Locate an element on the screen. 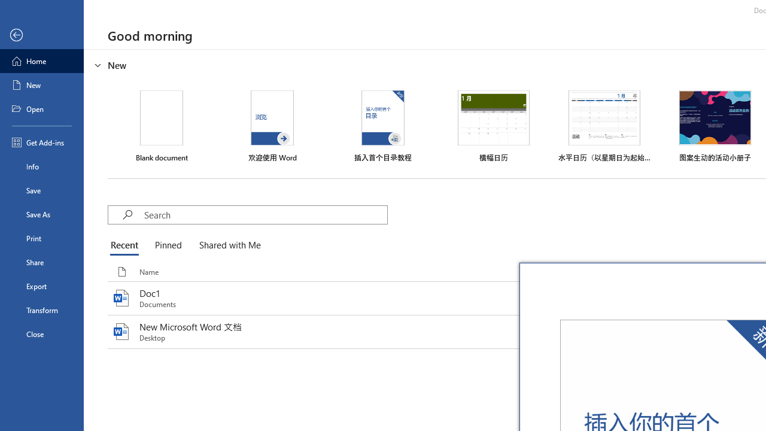 This screenshot has height=431, width=766. 'Pinned' is located at coordinates (167, 245).